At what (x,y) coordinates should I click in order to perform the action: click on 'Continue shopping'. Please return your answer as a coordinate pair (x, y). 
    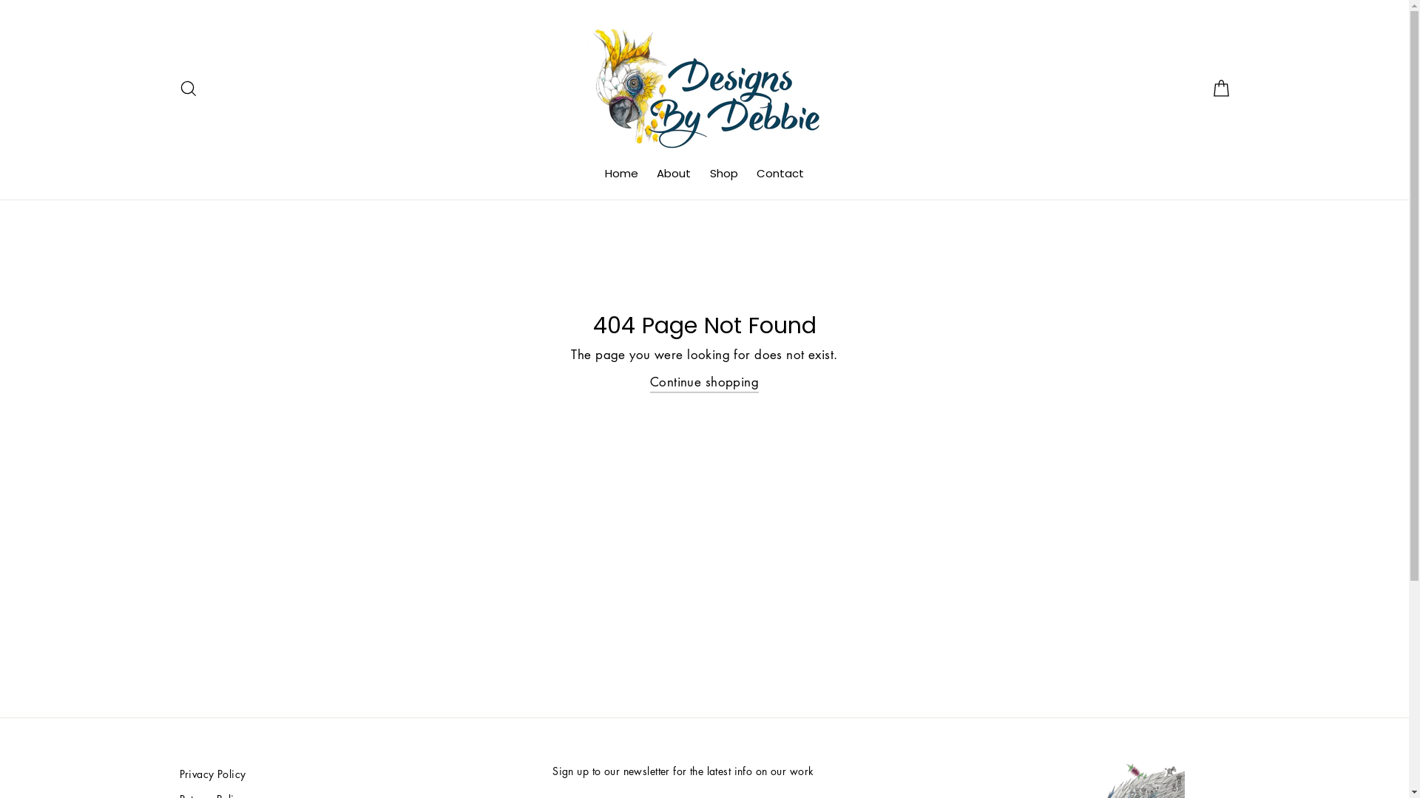
    Looking at the image, I should click on (703, 381).